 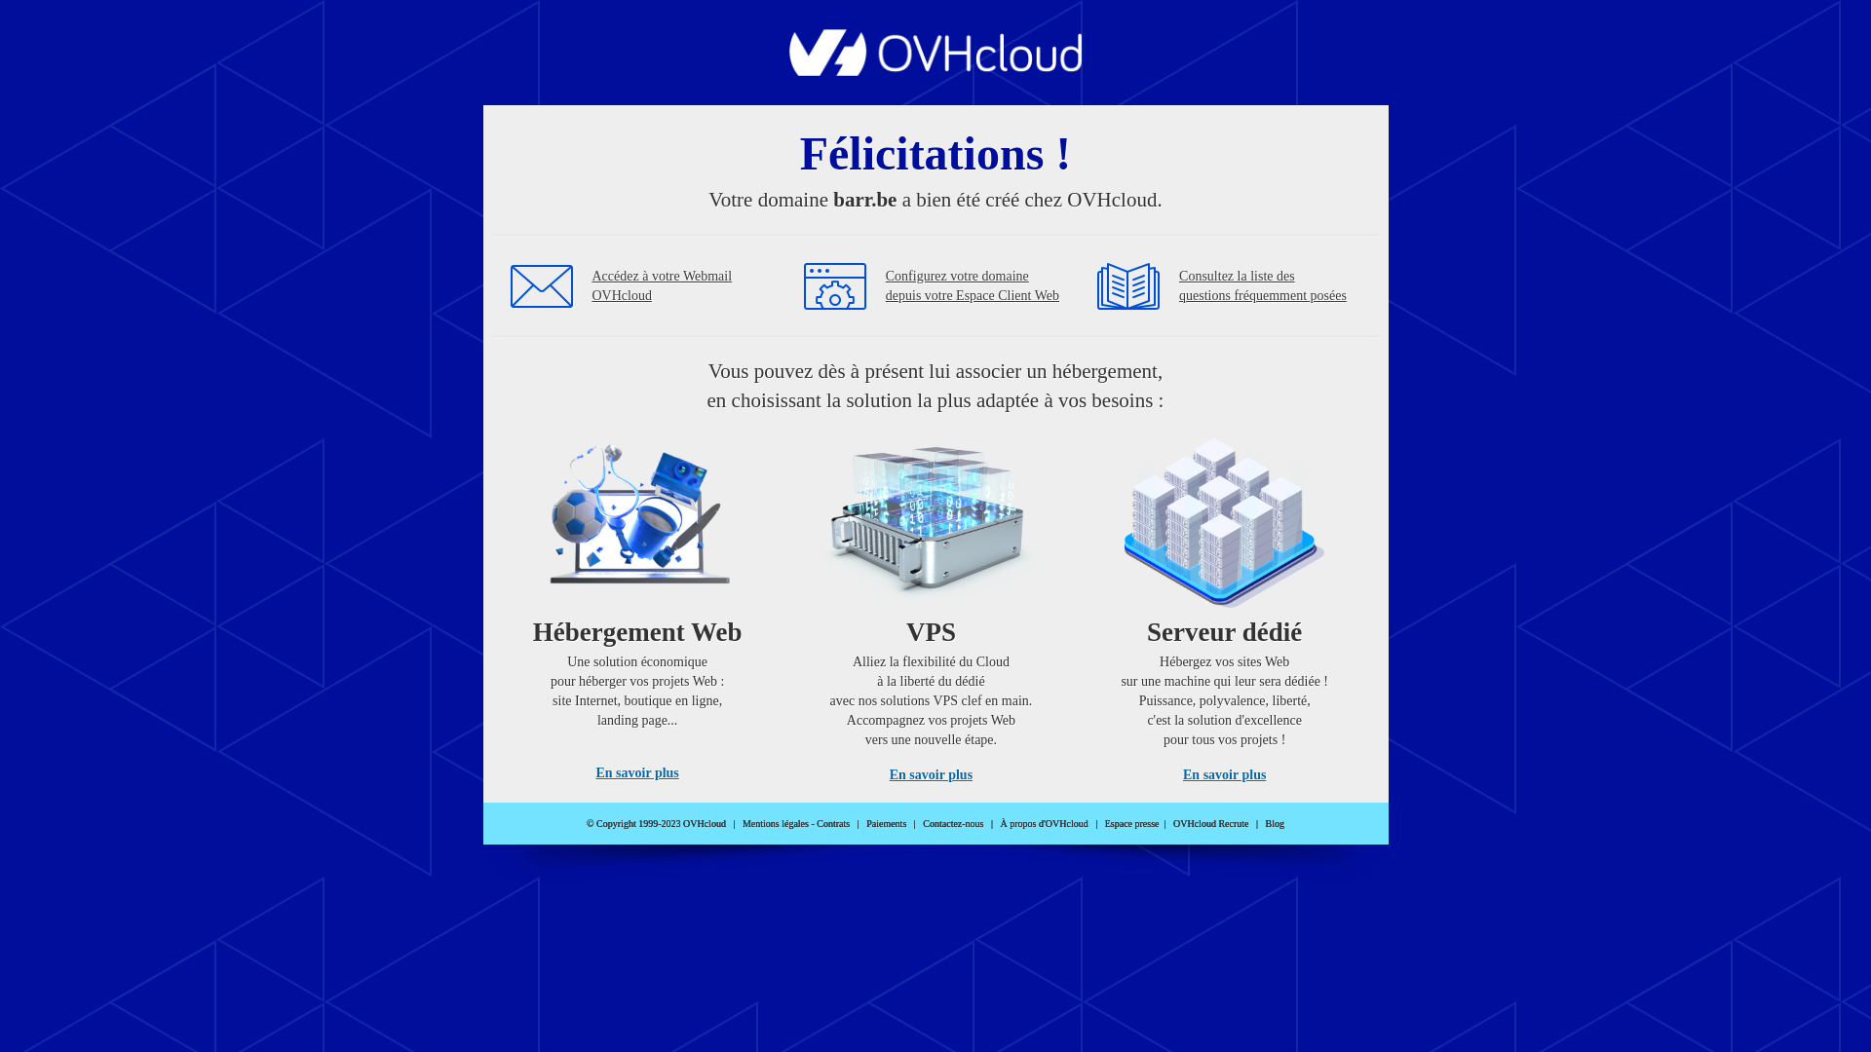 What do you see at coordinates (1131, 823) in the screenshot?
I see `'Espace presse'` at bounding box center [1131, 823].